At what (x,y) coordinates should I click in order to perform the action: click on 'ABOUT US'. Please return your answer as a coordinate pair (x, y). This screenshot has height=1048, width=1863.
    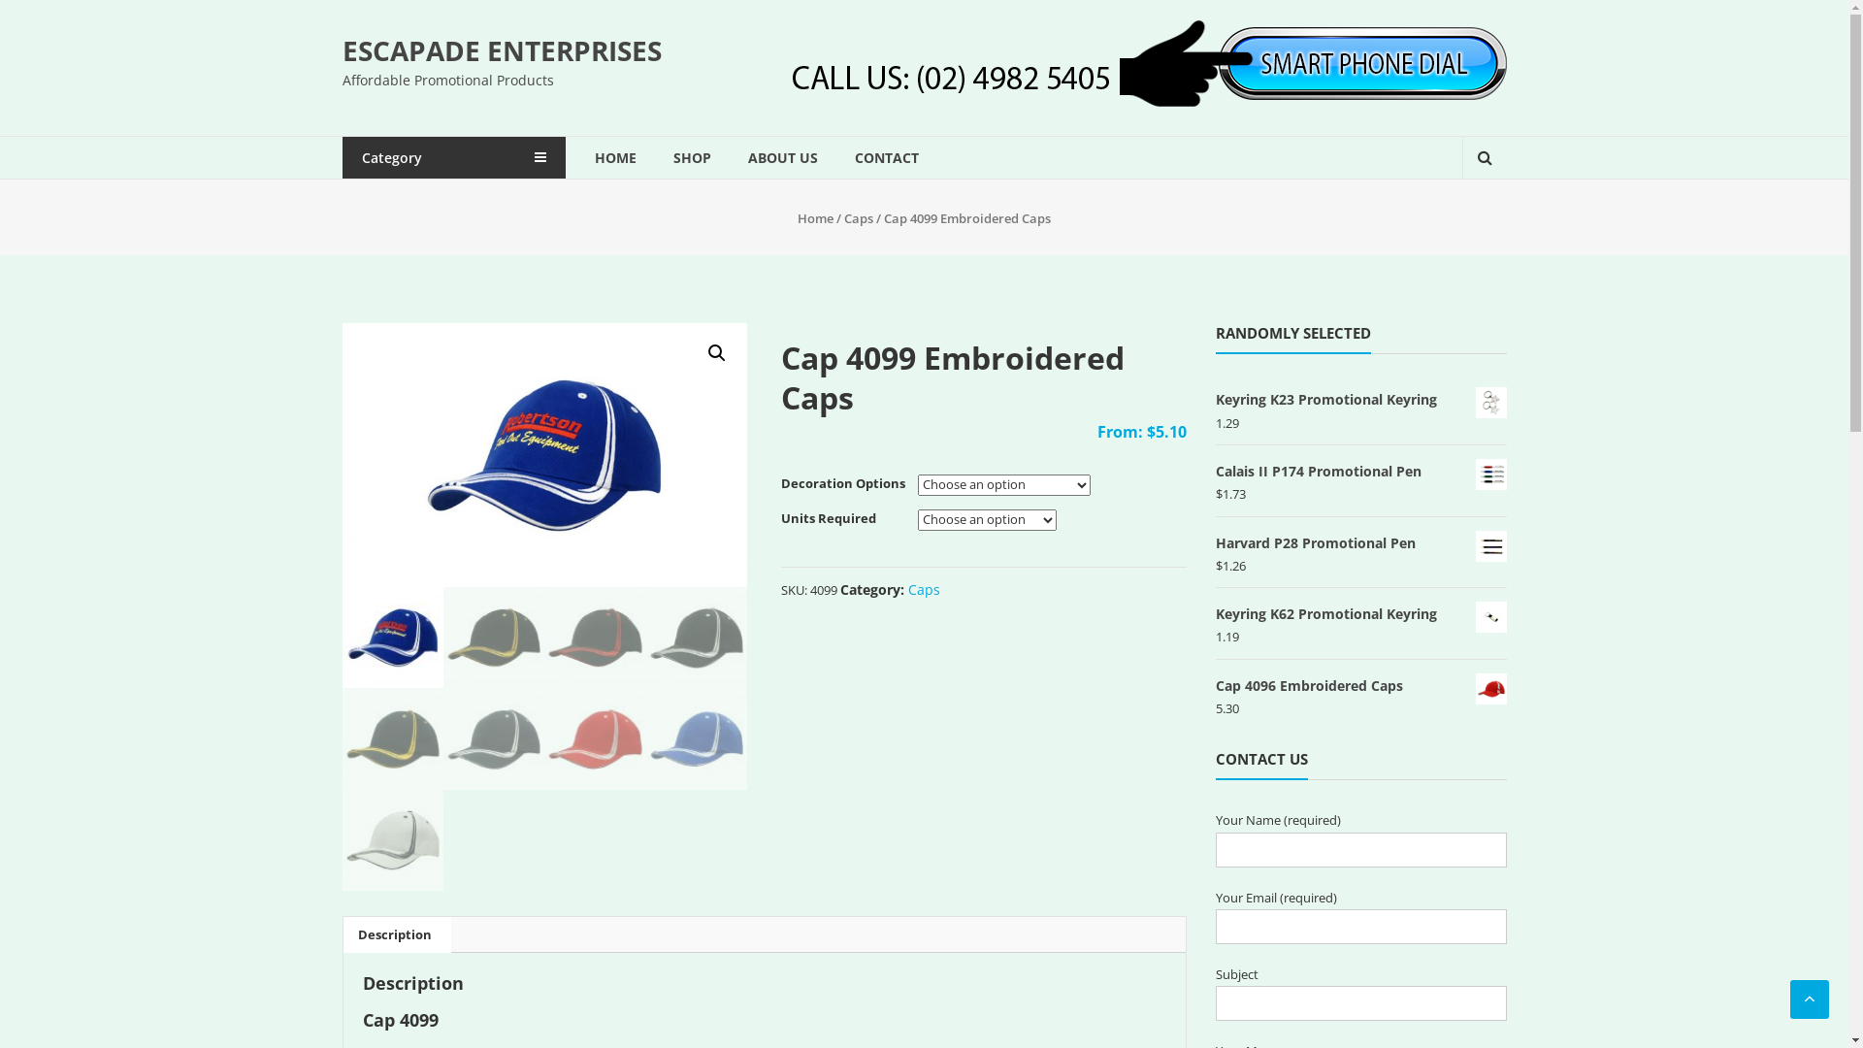
    Looking at the image, I should click on (782, 156).